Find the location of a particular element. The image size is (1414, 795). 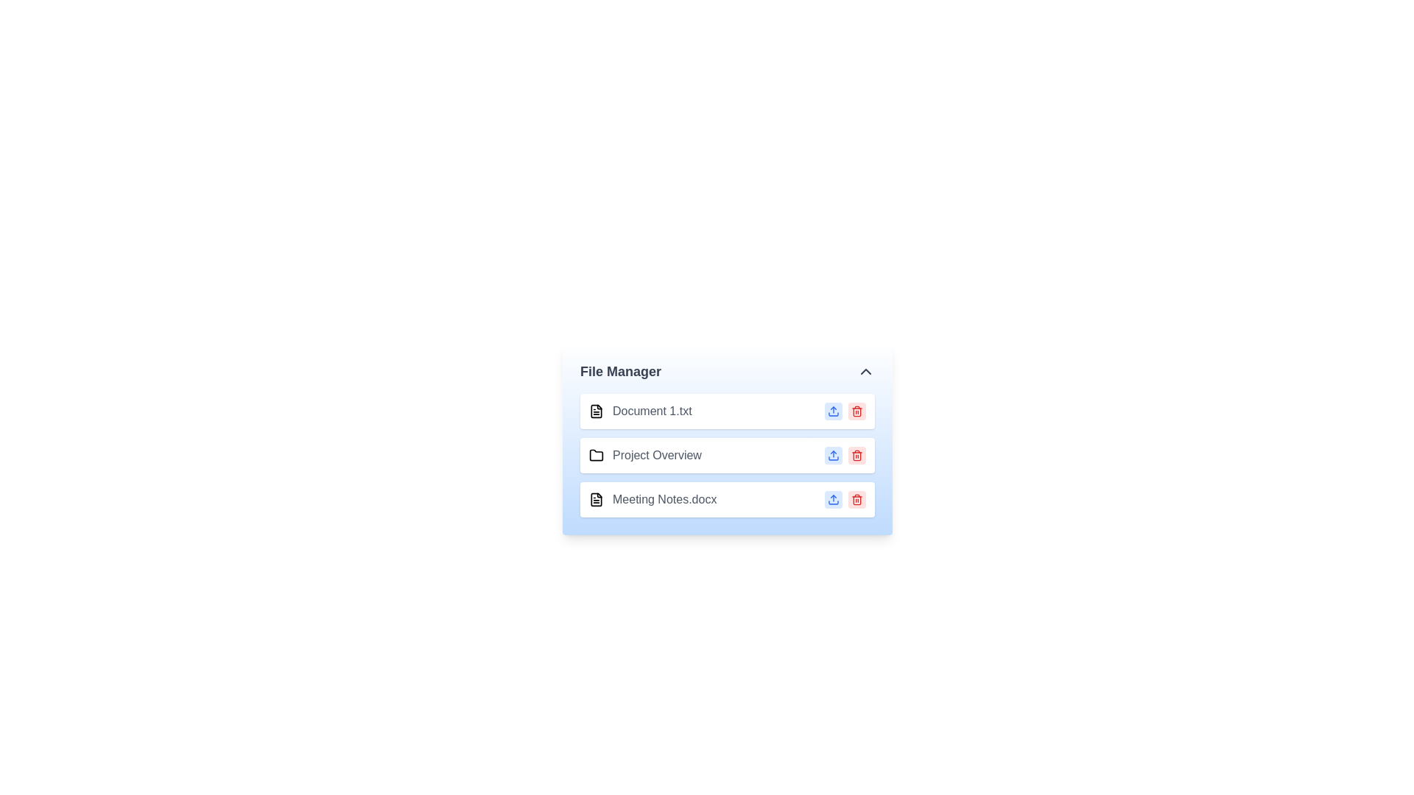

delete button next to the file or folder named Document 1.txt is located at coordinates (857, 411).